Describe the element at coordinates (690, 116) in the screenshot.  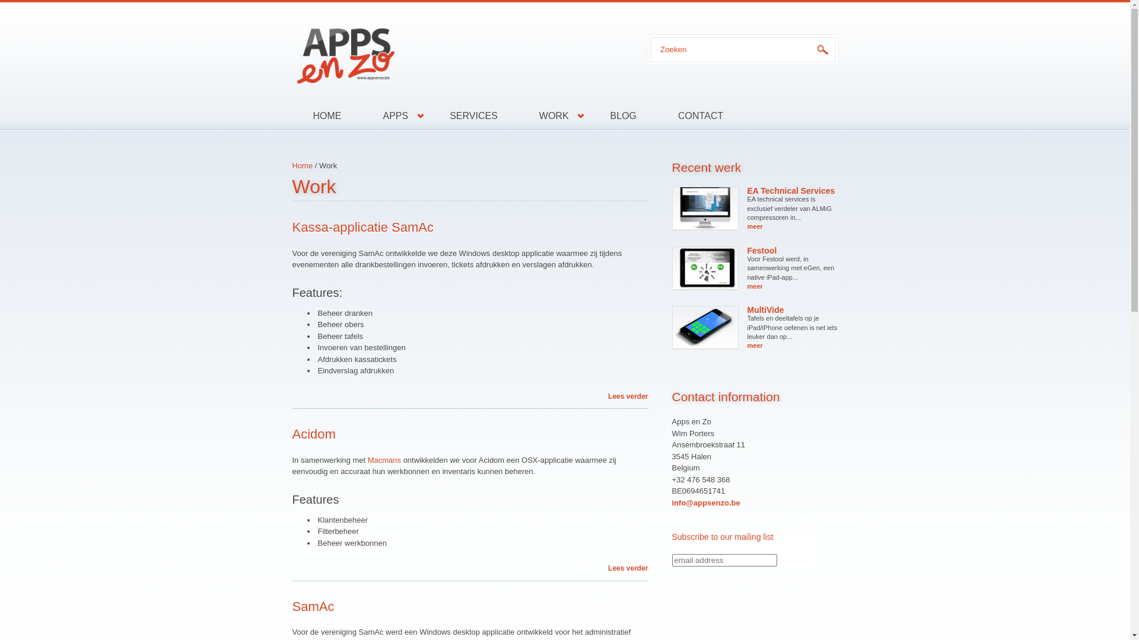
I see `'CONTACT'` at that location.